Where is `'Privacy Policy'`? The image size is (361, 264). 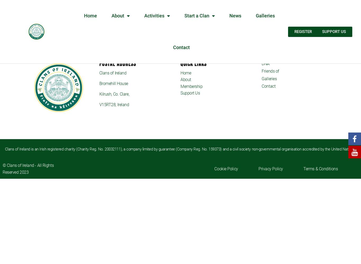
'Privacy Policy' is located at coordinates (270, 168).